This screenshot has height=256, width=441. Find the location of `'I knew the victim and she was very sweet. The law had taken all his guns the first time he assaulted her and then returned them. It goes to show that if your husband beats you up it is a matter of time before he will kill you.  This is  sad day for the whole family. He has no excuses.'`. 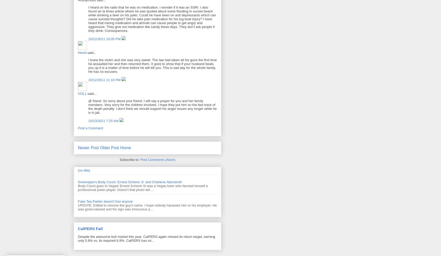

'I knew the victim and she was very sweet. The law had taken all his guns the first time he assaulted her and then returned them. It goes to show that if your husband beats you up it is a matter of time before he will kill you.  This is  sad day for the whole family. He has no excuses.' is located at coordinates (152, 65).